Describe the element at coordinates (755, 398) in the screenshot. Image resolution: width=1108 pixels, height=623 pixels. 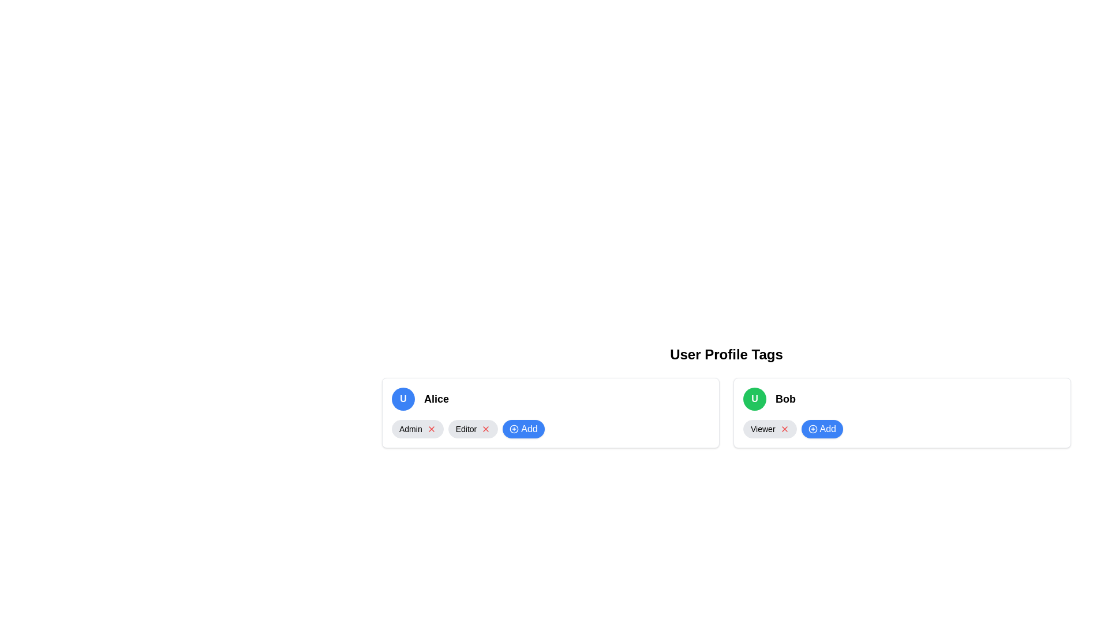
I see `the circular badge icon with a green background and a white bold letter 'U' that serves as a user identifier, positioned to the left of the text 'Bob'` at that location.